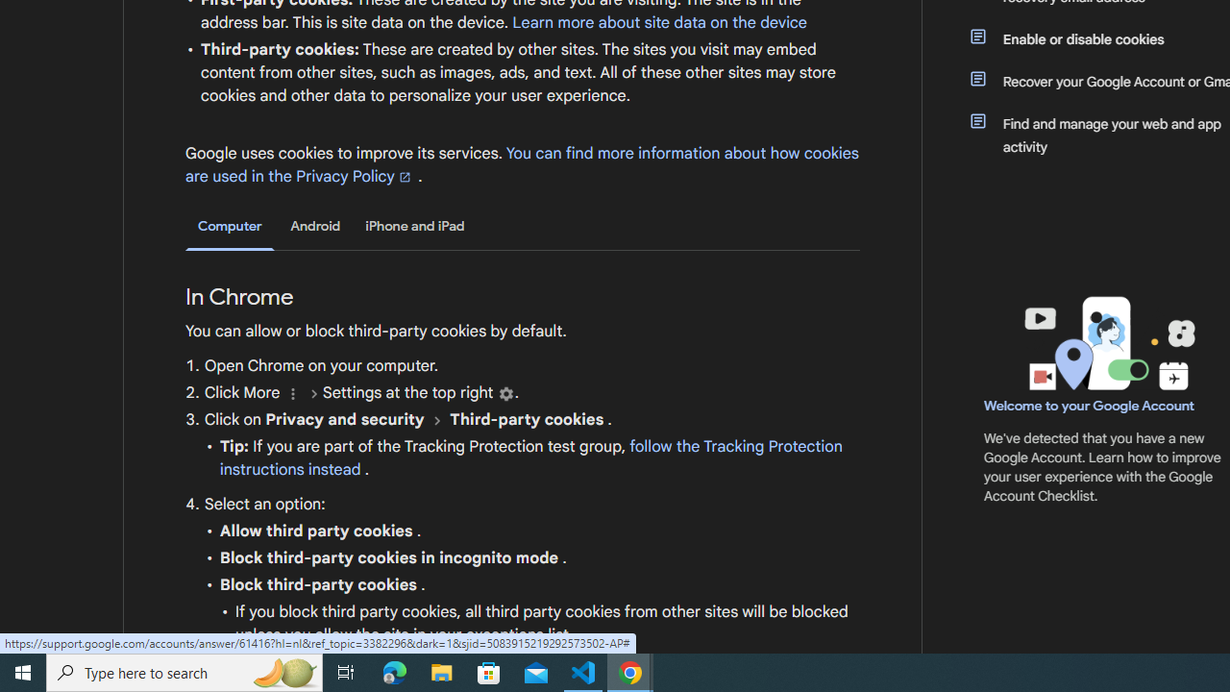 The height and width of the screenshot is (692, 1230). Describe the element at coordinates (1090, 405) in the screenshot. I see `'Welcome to your Google Account'` at that location.